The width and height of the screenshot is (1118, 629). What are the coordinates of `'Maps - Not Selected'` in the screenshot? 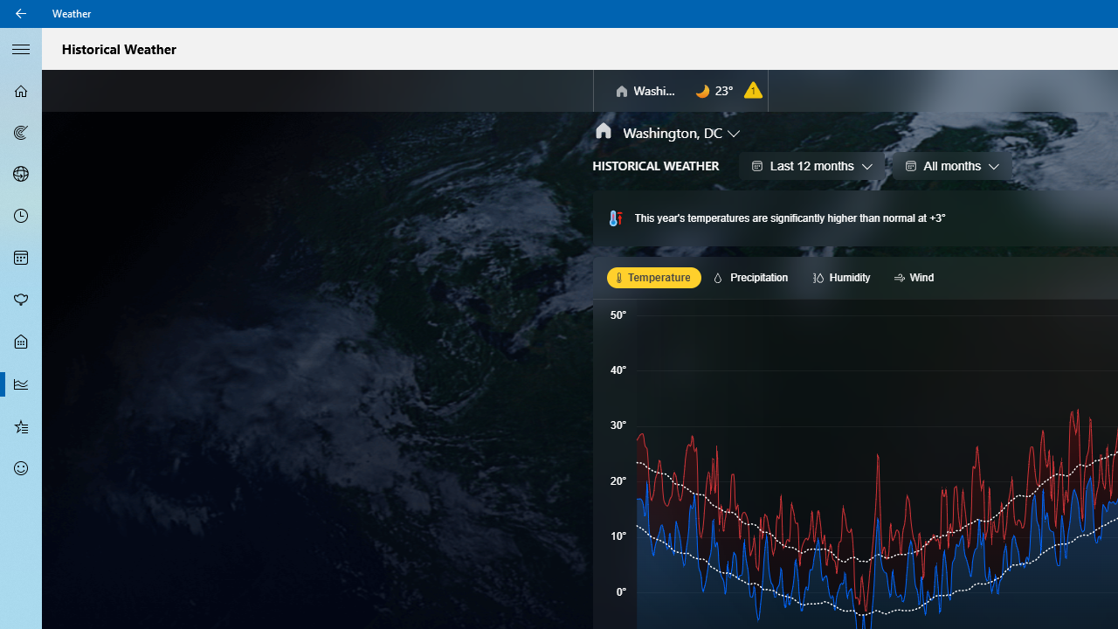 It's located at (21, 131).